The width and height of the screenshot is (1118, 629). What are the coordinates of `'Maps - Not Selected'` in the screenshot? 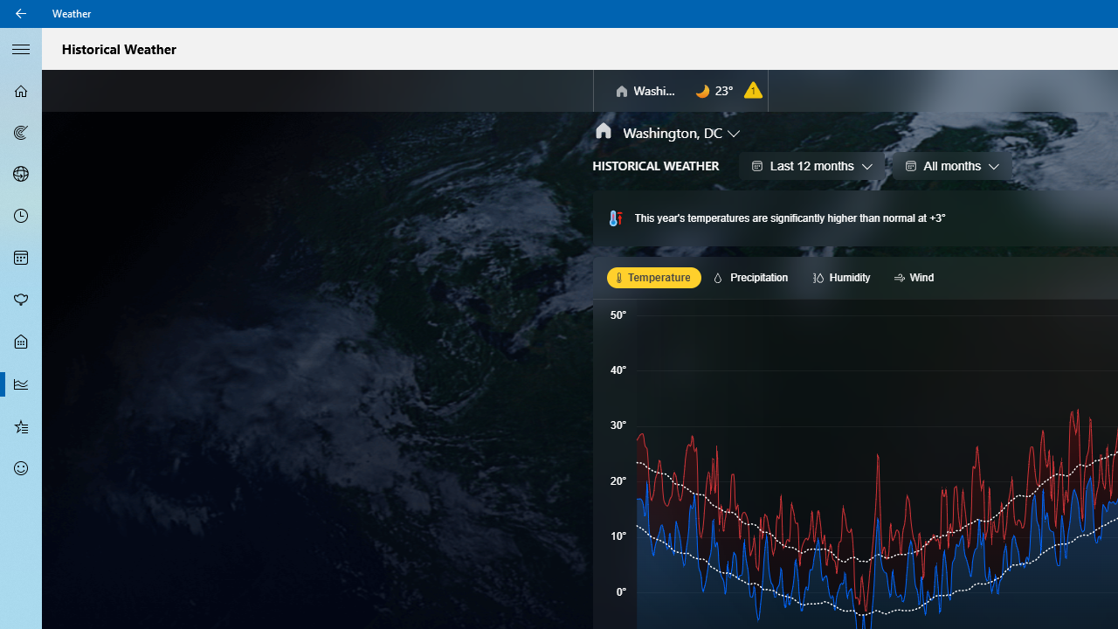 It's located at (21, 131).